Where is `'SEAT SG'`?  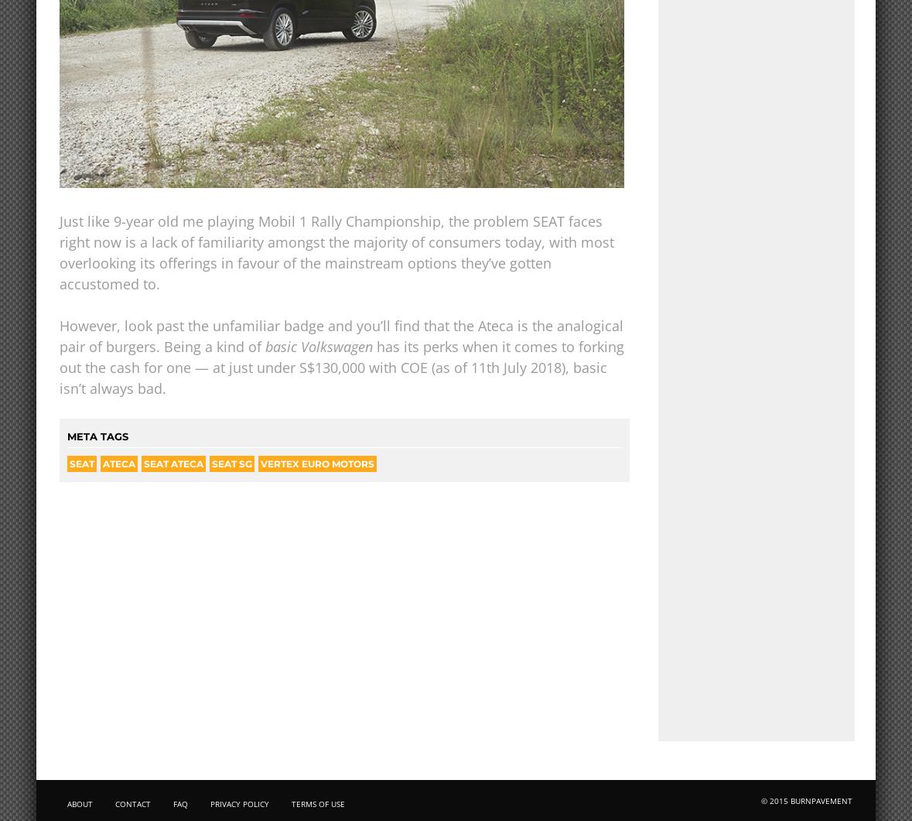
'SEAT SG' is located at coordinates (232, 463).